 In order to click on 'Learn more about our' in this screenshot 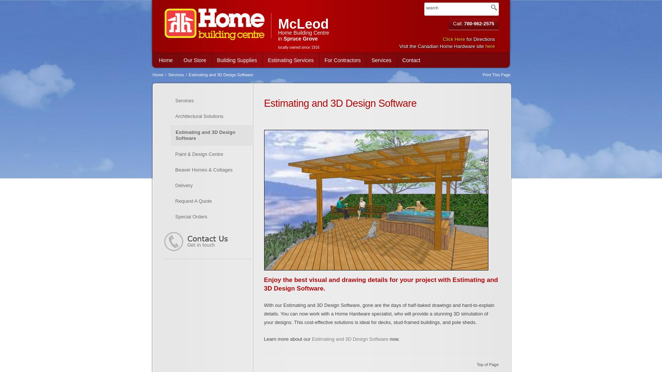, I will do `click(288, 339)`.